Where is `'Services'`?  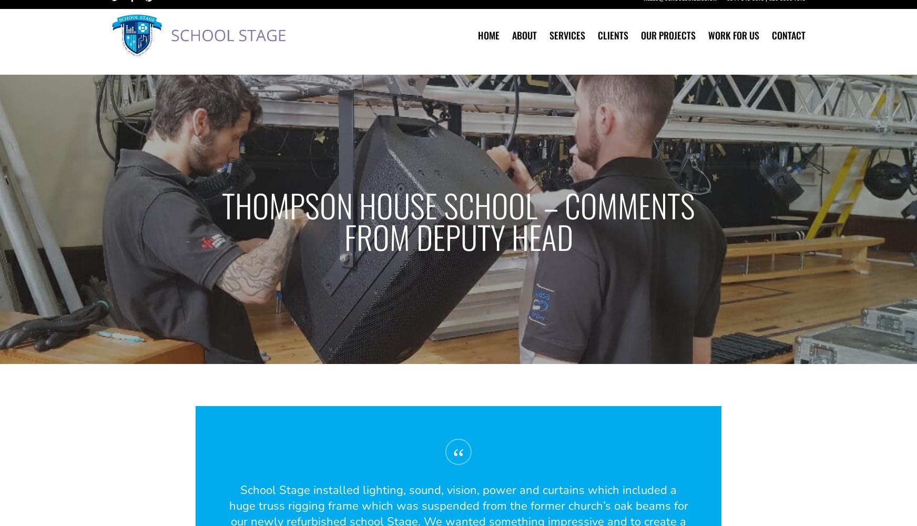 'Services' is located at coordinates (567, 48).